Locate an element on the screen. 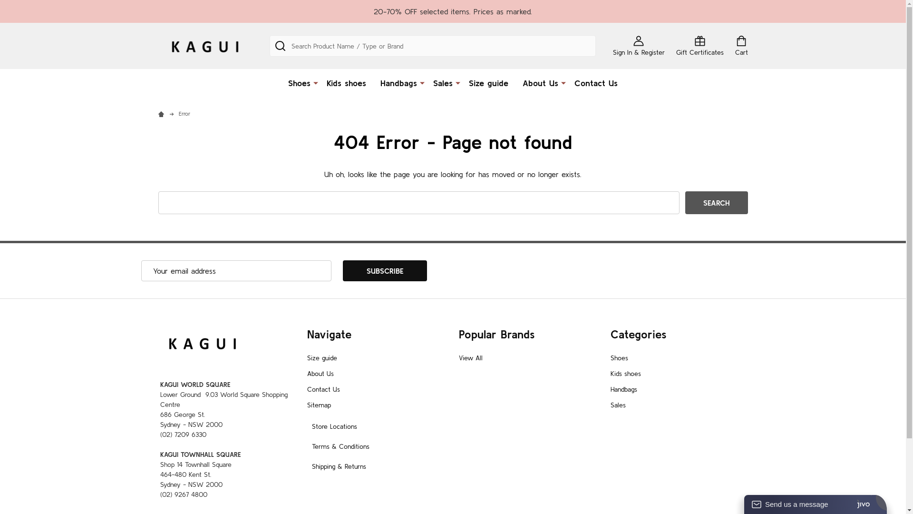  'Sitemap' is located at coordinates (319, 405).